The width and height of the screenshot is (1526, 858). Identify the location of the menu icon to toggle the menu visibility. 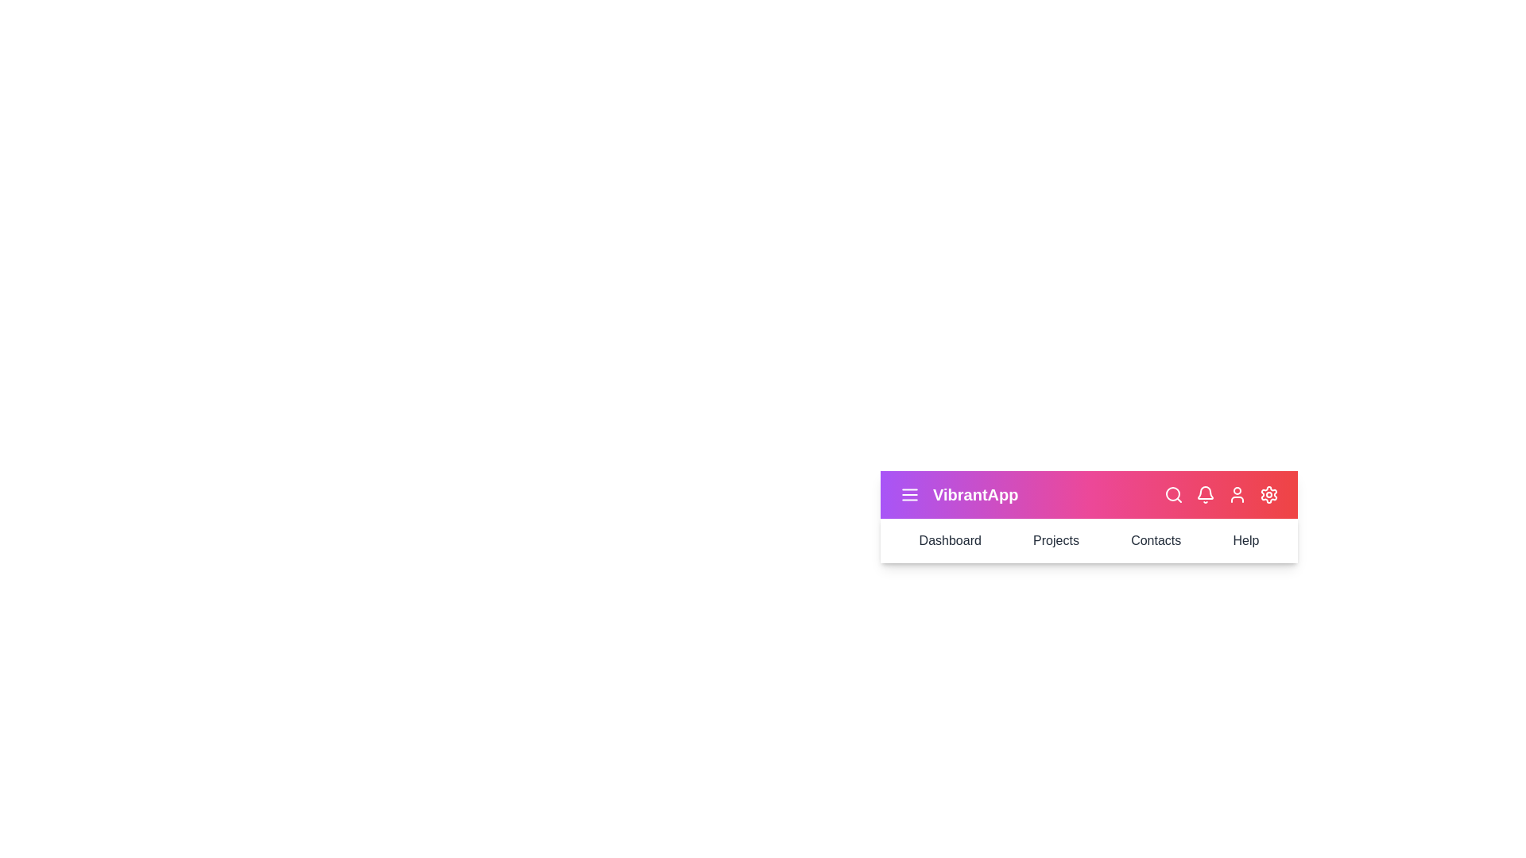
(910, 494).